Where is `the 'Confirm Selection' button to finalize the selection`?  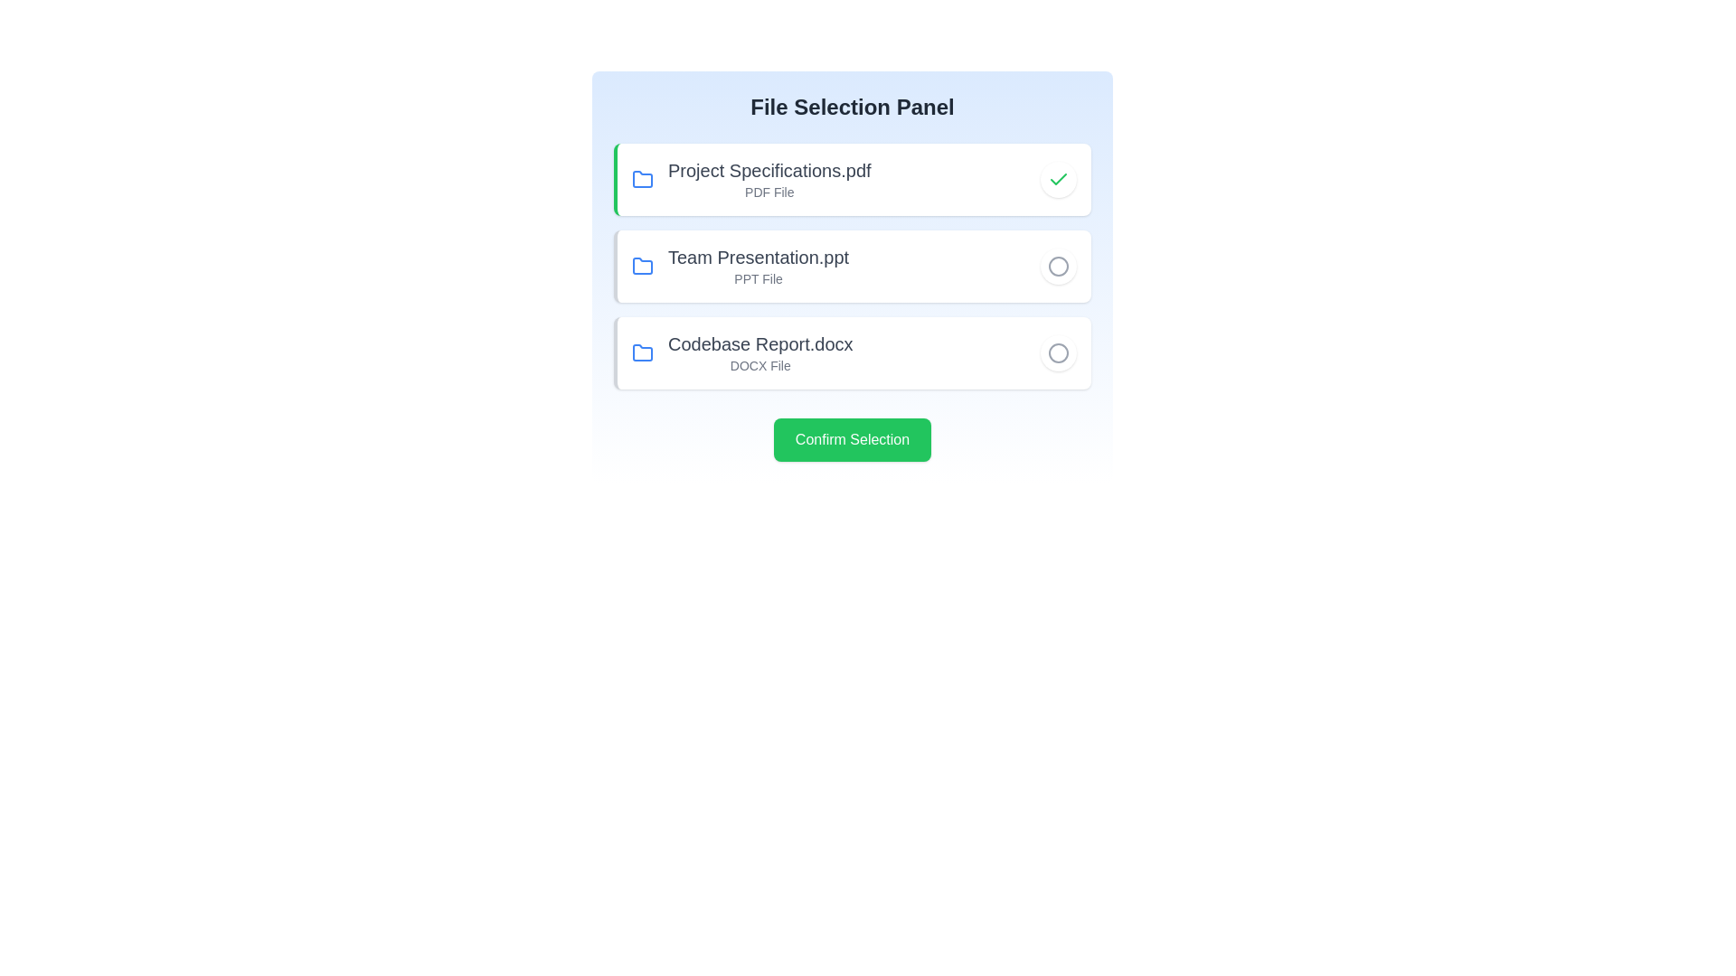 the 'Confirm Selection' button to finalize the selection is located at coordinates (851, 439).